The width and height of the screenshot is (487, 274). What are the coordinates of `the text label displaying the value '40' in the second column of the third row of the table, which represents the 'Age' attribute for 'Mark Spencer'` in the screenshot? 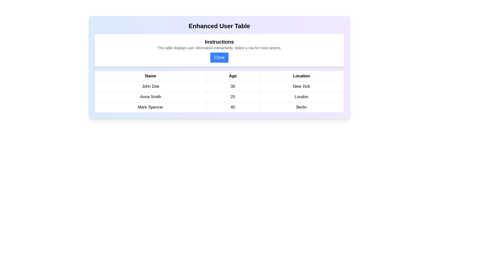 It's located at (232, 107).